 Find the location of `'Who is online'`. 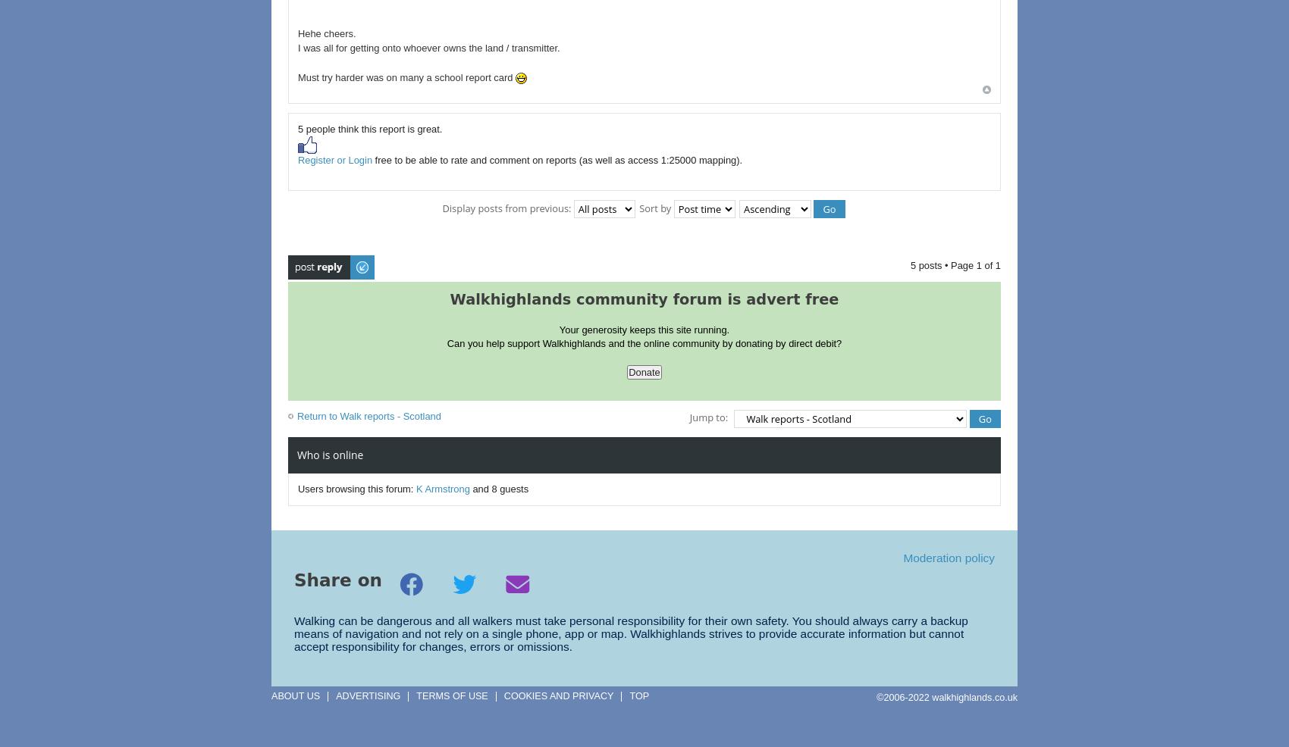

'Who is online' is located at coordinates (330, 454).